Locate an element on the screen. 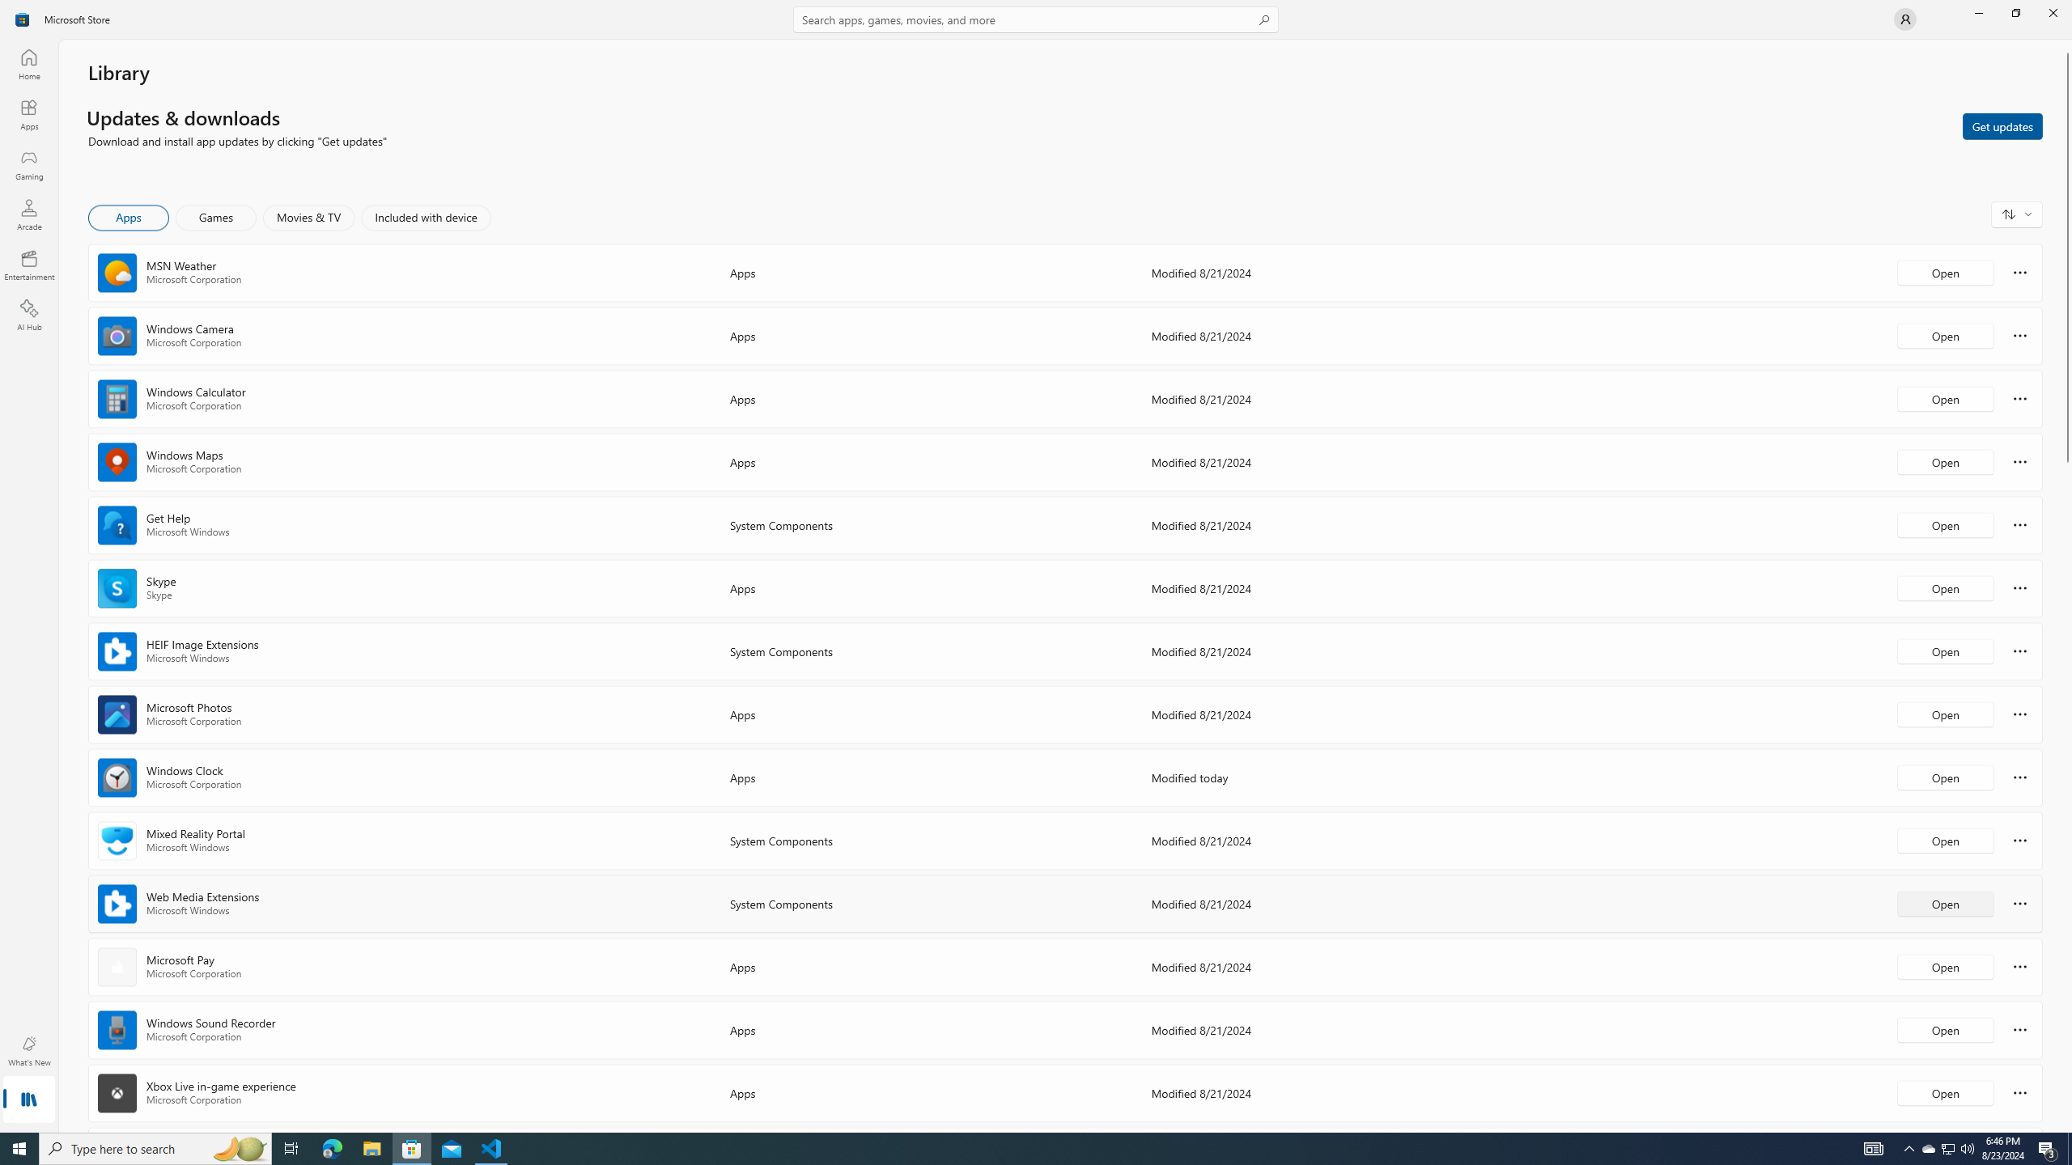 This screenshot has height=1165, width=2072. 'Sort and filter' is located at coordinates (2016, 214).